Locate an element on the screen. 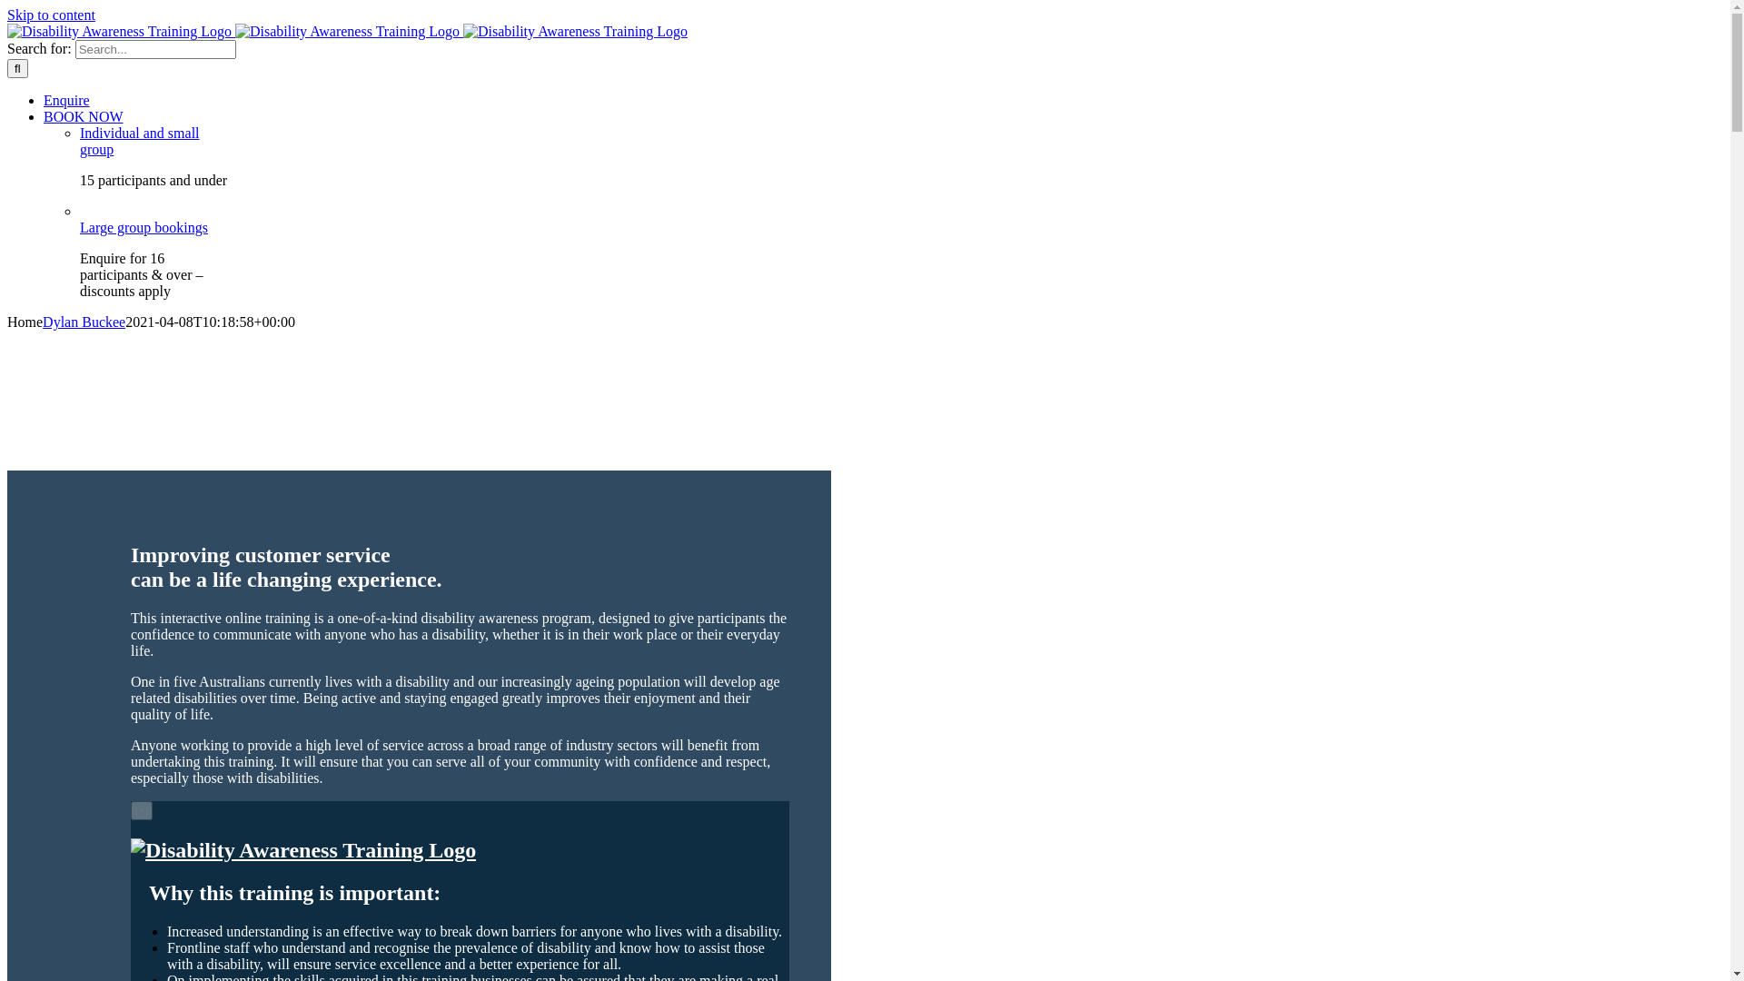  'Individual and small group' is located at coordinates (138, 140).